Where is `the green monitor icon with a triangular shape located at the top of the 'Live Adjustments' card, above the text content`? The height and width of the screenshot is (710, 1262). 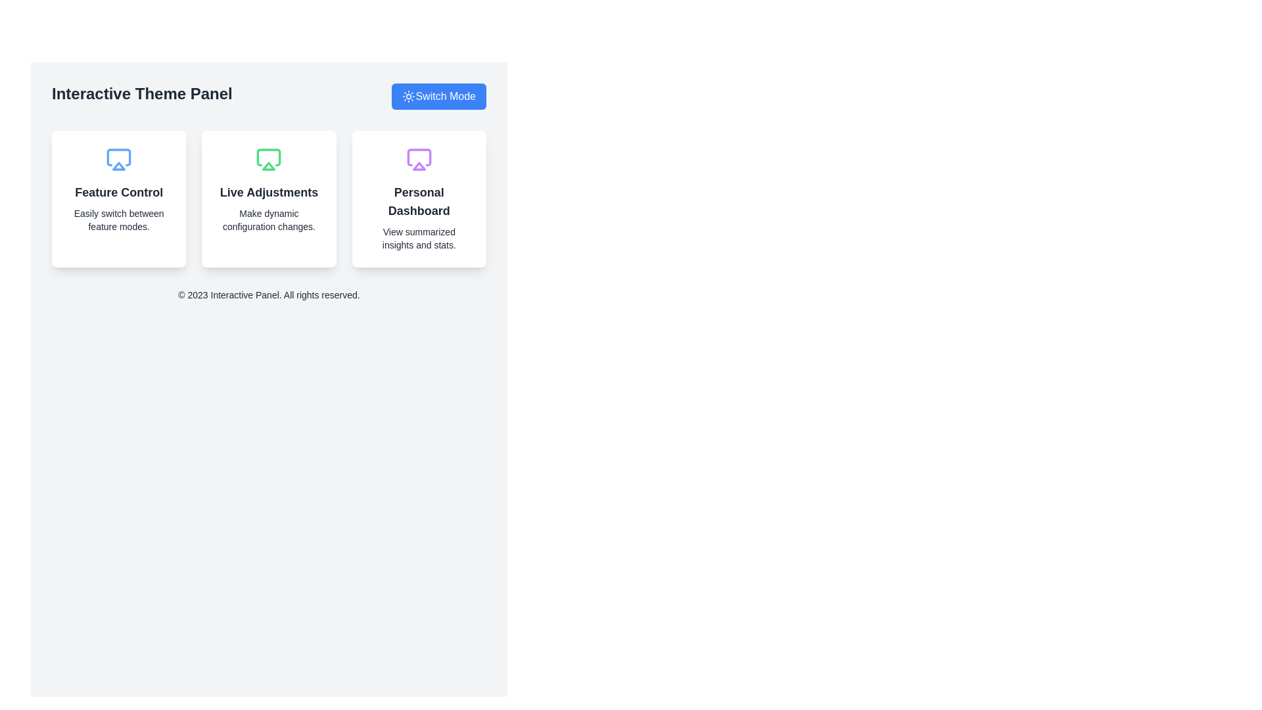
the green monitor icon with a triangular shape located at the top of the 'Live Adjustments' card, above the text content is located at coordinates (268, 159).